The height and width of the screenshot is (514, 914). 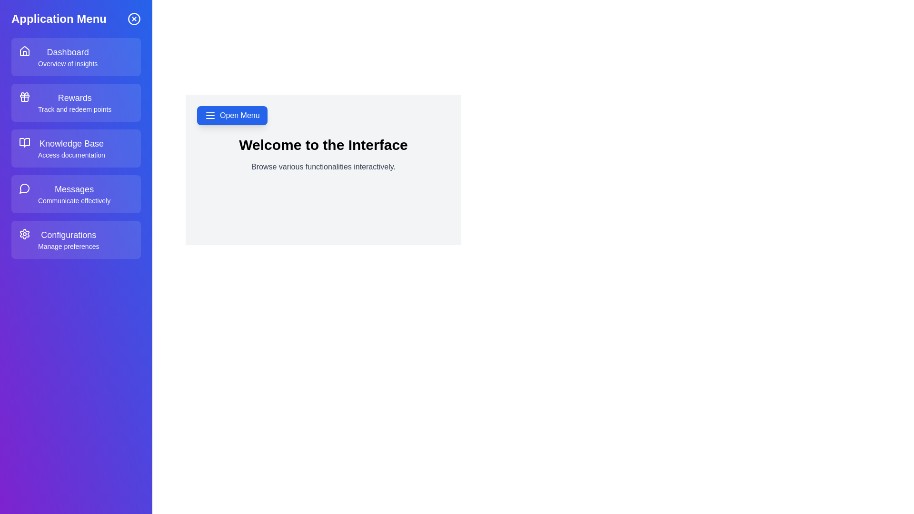 I want to click on the menu item labeled Messages, so click(x=75, y=194).